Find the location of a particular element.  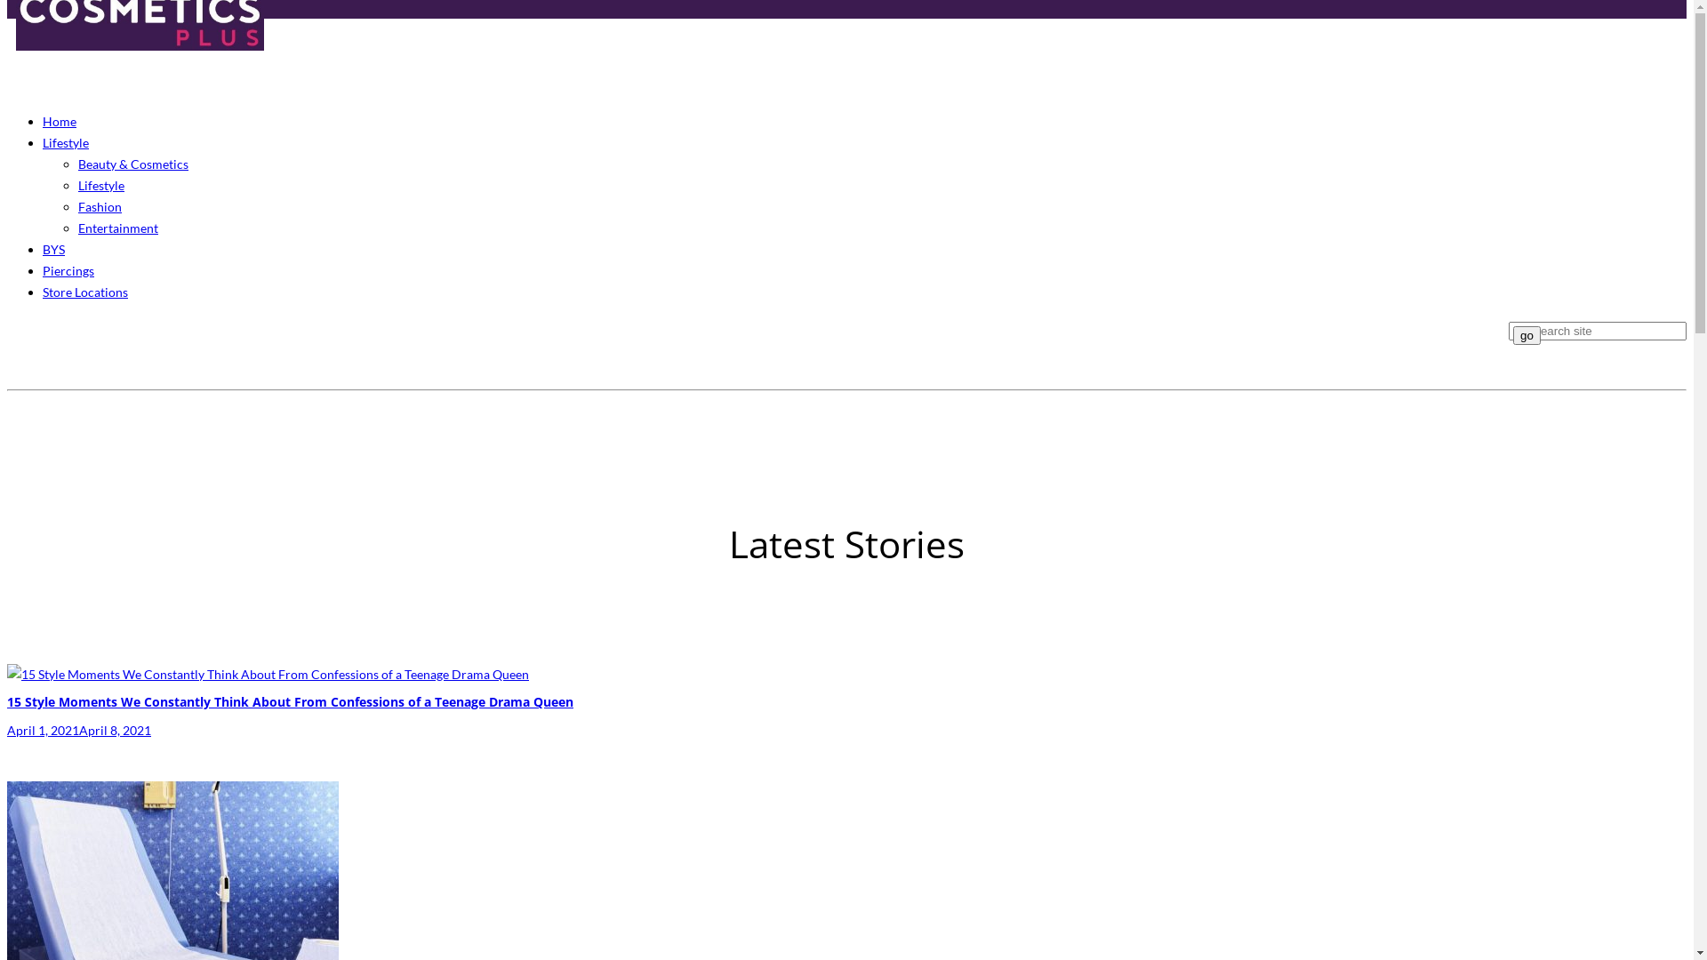

'Store Locations' is located at coordinates (84, 291).